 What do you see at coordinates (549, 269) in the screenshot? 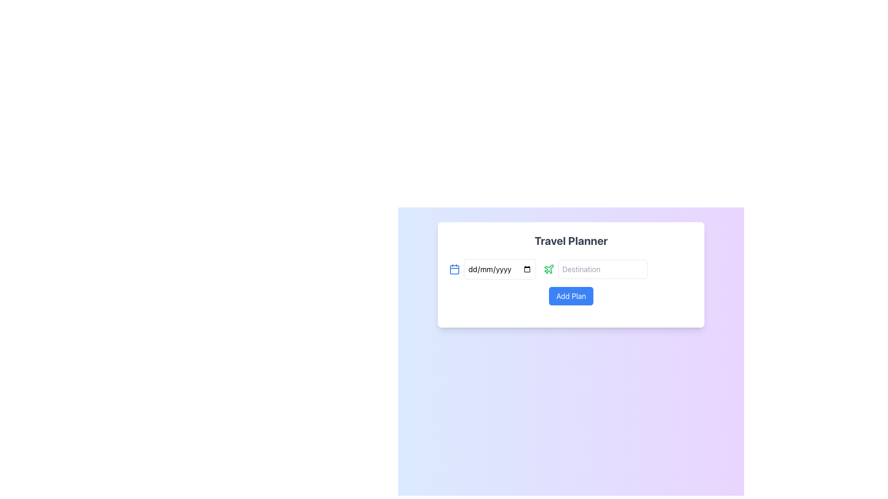
I see `the green airplane icon located to the right of the 'Destination' text input field in the travel planning interface` at bounding box center [549, 269].